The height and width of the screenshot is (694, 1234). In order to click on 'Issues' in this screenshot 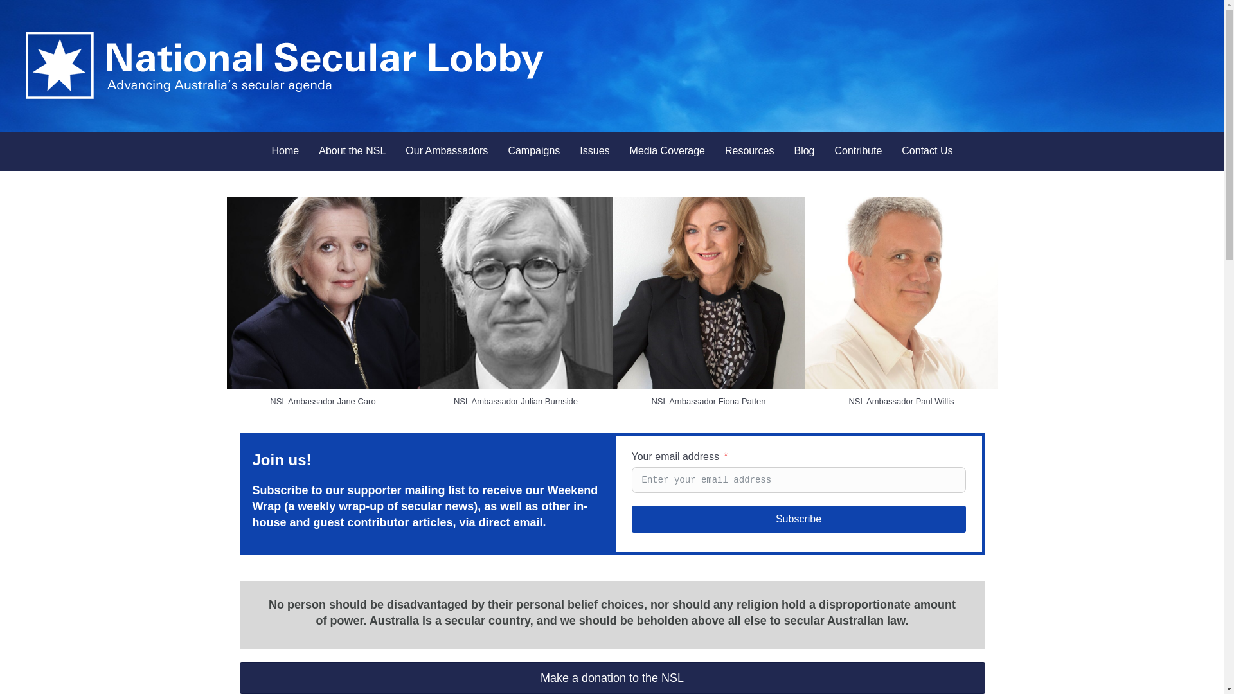, I will do `click(594, 150)`.